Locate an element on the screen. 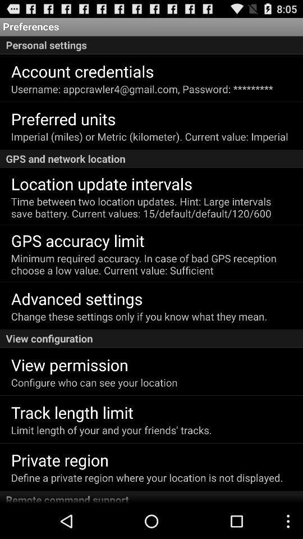 The image size is (303, 539). configure who can item is located at coordinates (94, 382).